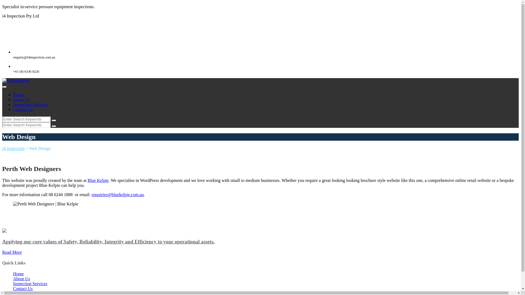 The image size is (525, 295). Describe the element at coordinates (46, 204) in the screenshot. I see `'Perth Web Designers | Blue Kelpie'` at that location.